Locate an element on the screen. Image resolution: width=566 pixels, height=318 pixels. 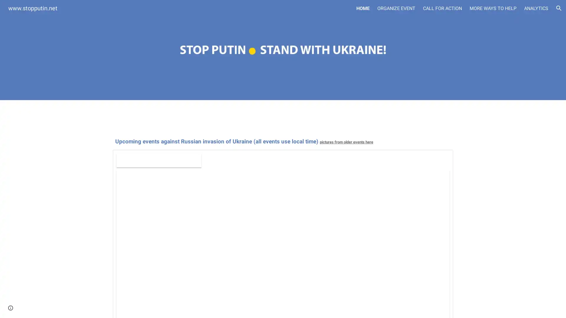
Report abuse is located at coordinates (71, 307).